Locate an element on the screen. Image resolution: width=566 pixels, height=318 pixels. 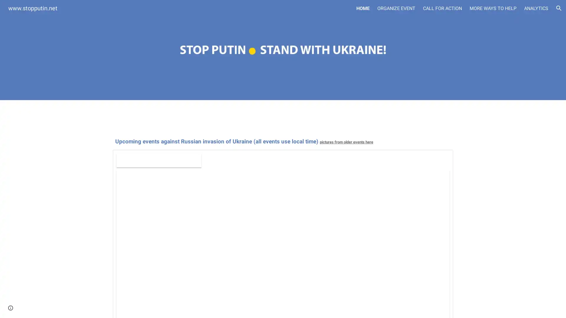
Report abuse is located at coordinates (71, 307).